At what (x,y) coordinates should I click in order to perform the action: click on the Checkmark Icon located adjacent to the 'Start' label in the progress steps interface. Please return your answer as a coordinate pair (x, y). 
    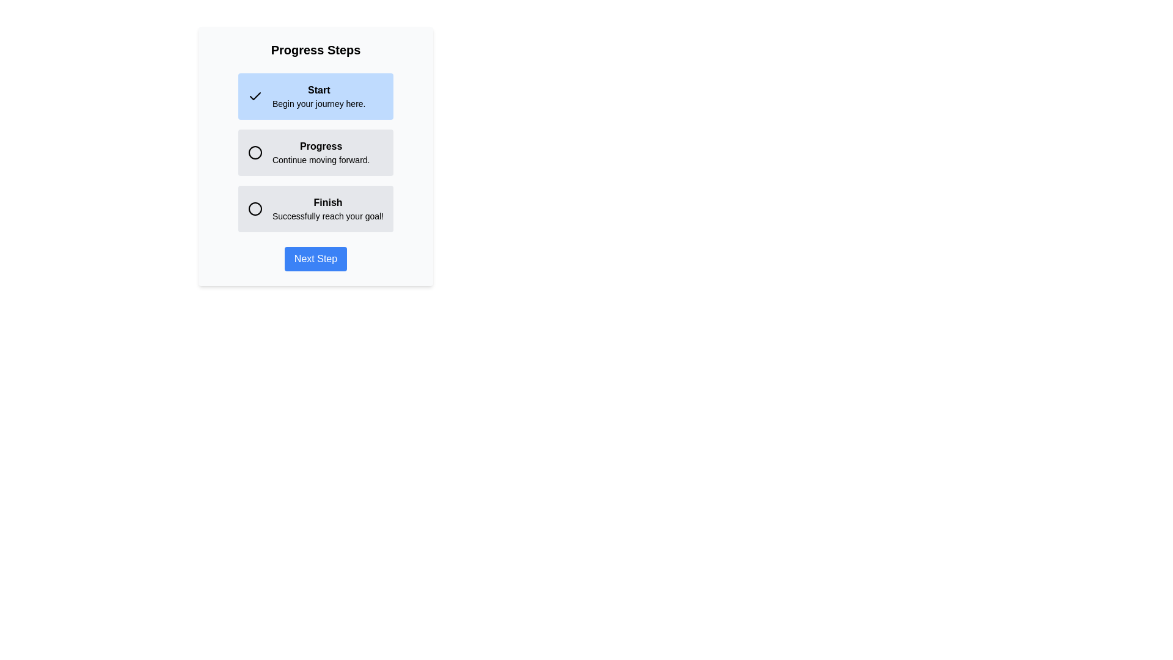
    Looking at the image, I should click on (254, 95).